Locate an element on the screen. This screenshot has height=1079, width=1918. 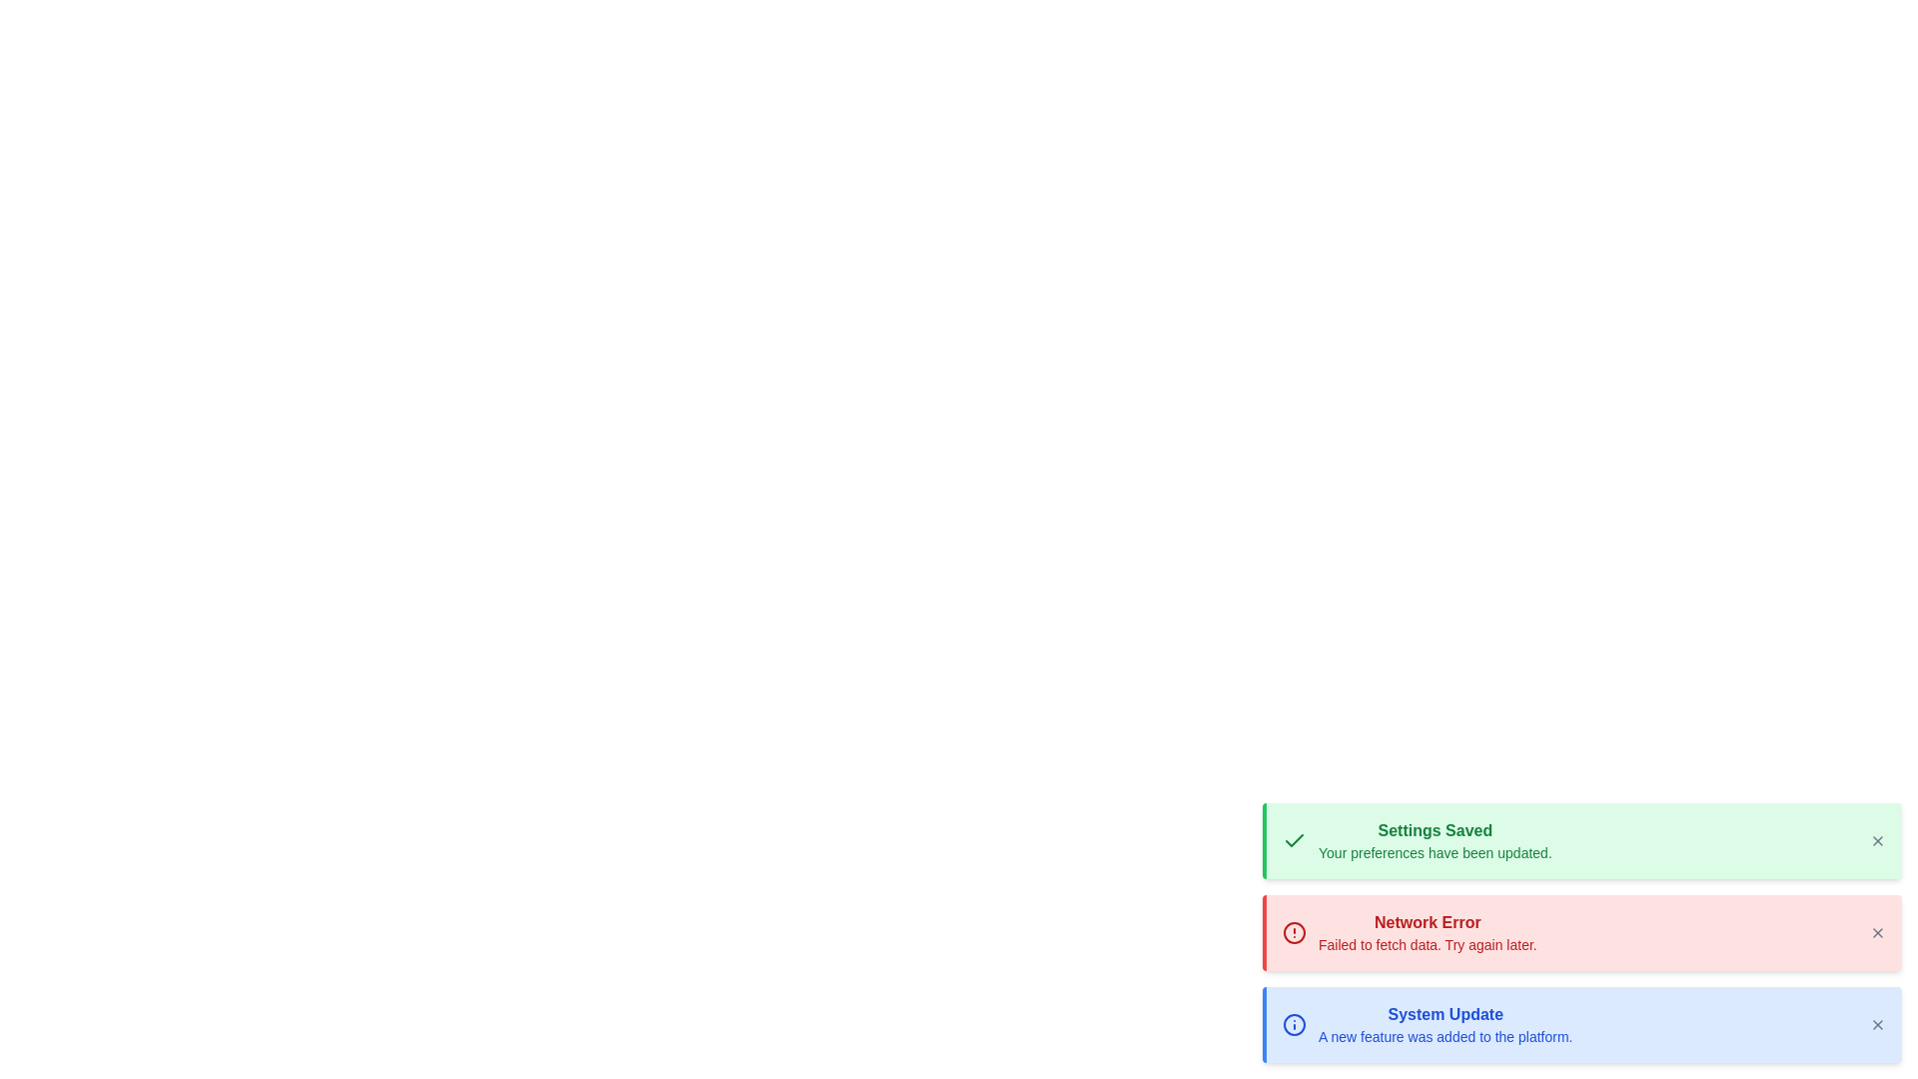
the close icon button located at the far right of the 'Settings Saved' notification box is located at coordinates (1877, 840).